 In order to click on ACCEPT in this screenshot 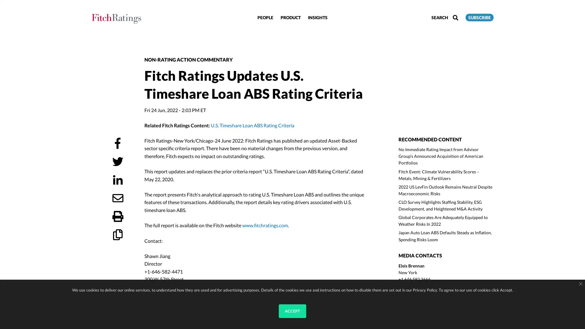, I will do `click(292, 311)`.